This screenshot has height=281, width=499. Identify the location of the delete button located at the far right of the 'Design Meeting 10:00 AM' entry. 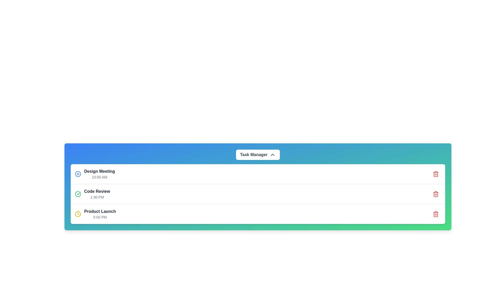
(436, 174).